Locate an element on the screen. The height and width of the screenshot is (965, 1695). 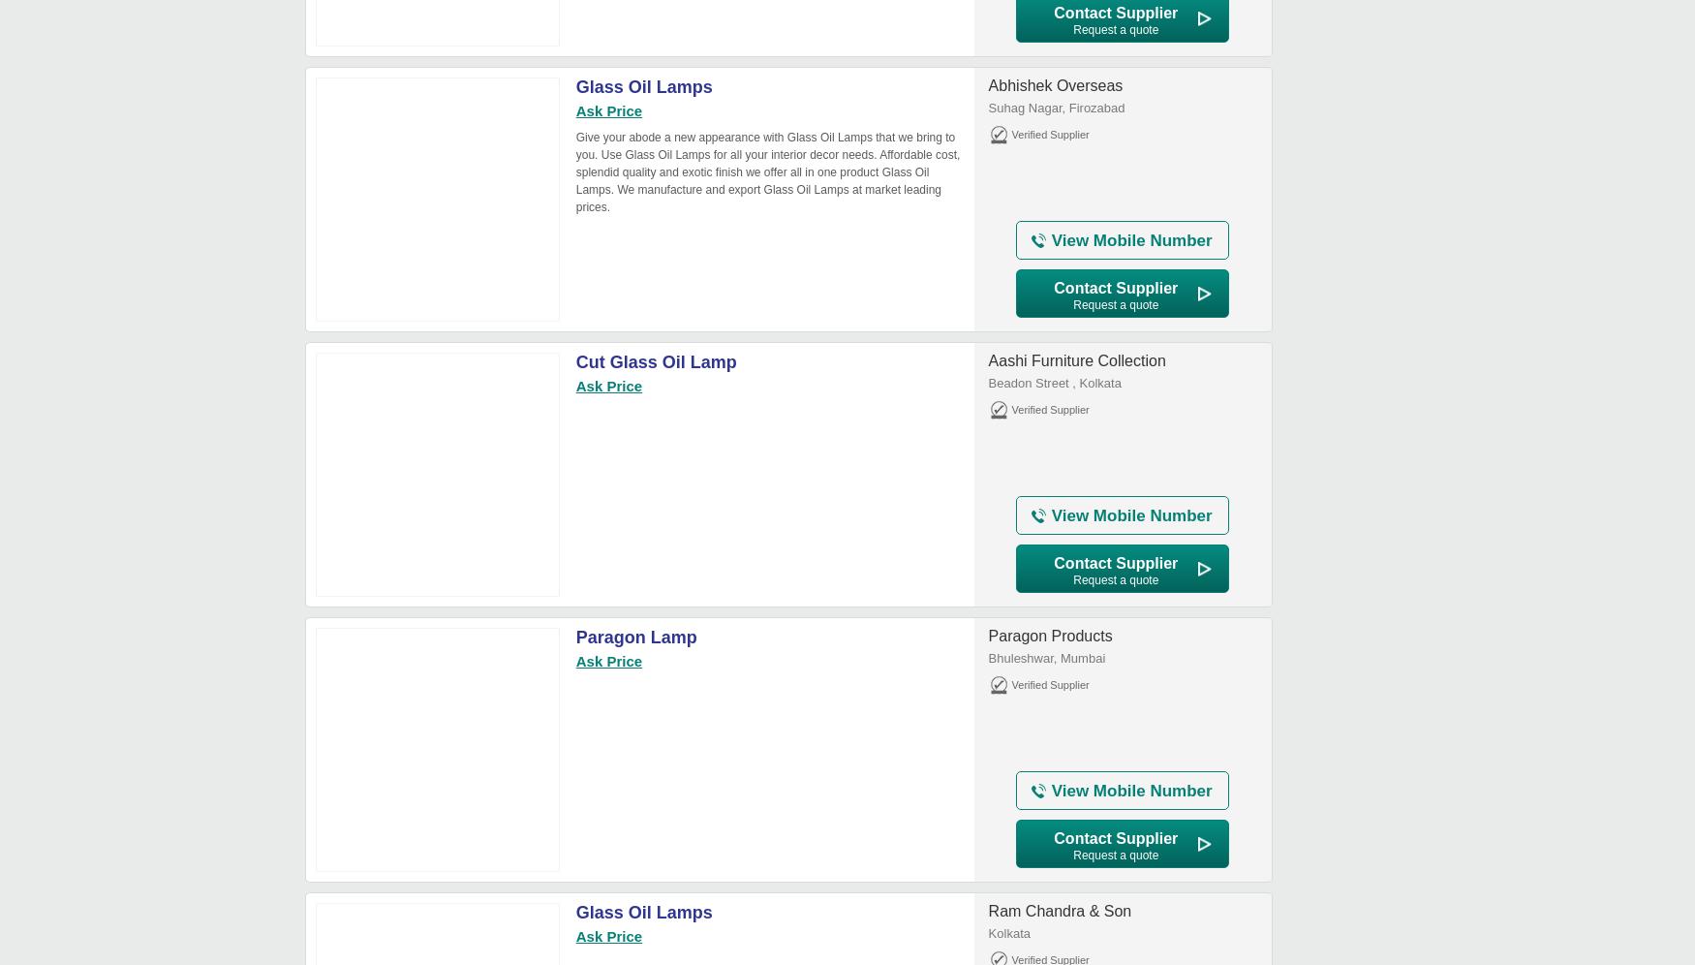
'Abhishek Overseas' is located at coordinates (987, 85).